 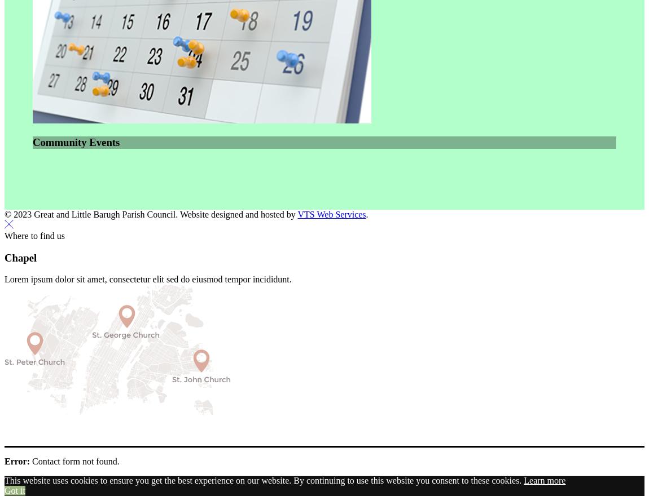 I want to click on '© 2023 Great and Little Barugh Parish Council. Website designed and hosted by', so click(x=150, y=214).